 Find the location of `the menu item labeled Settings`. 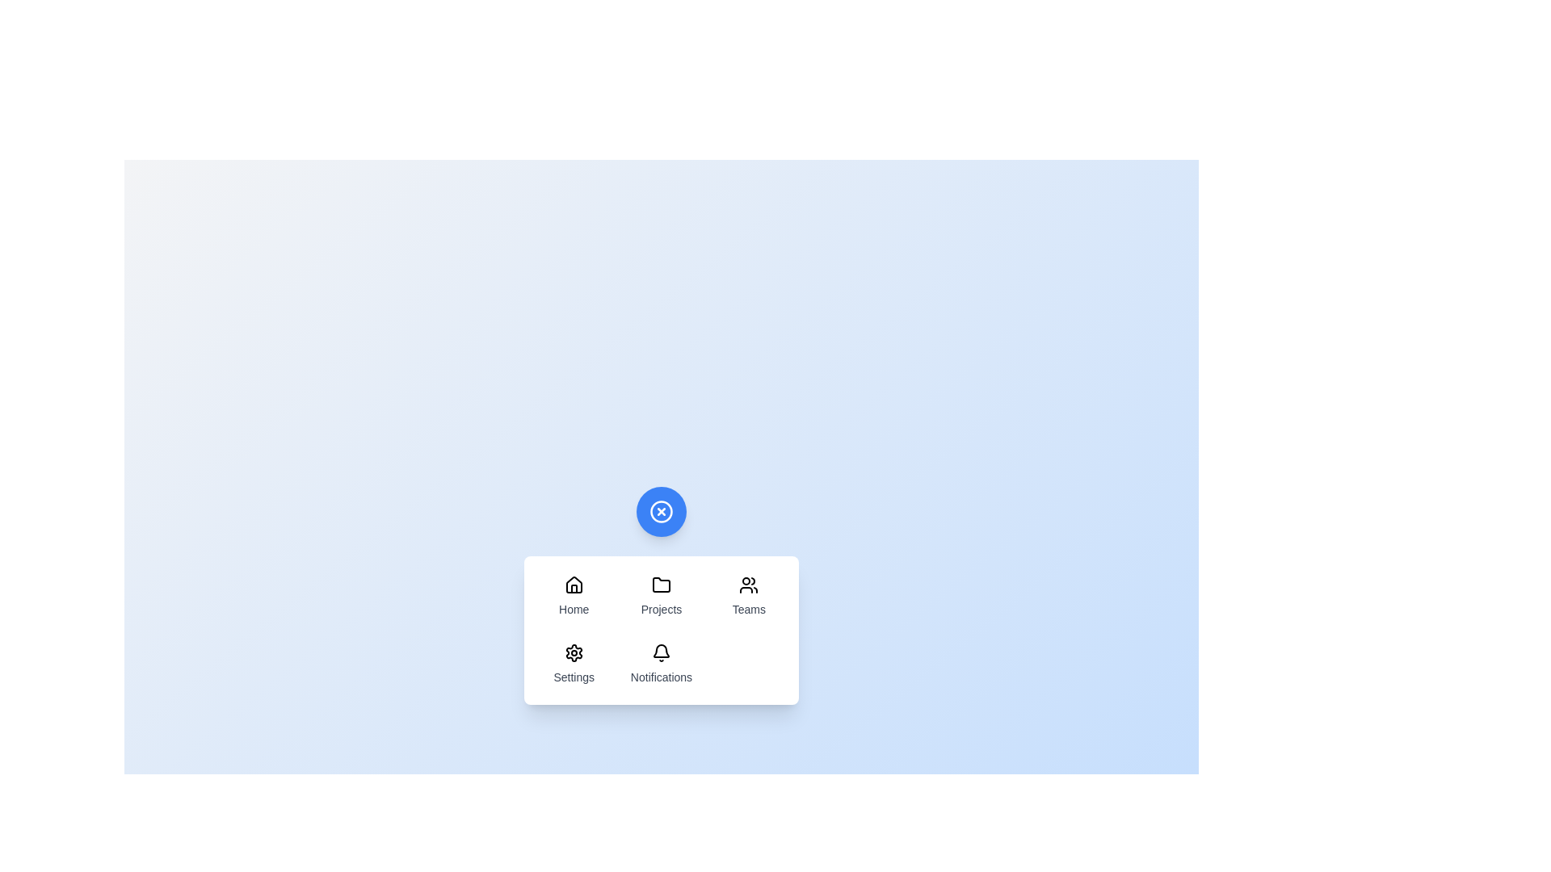

the menu item labeled Settings is located at coordinates (574, 664).